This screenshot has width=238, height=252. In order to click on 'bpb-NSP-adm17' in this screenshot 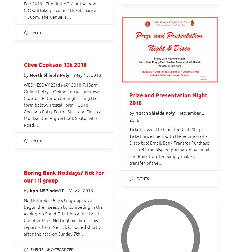, I will do `click(47, 190)`.